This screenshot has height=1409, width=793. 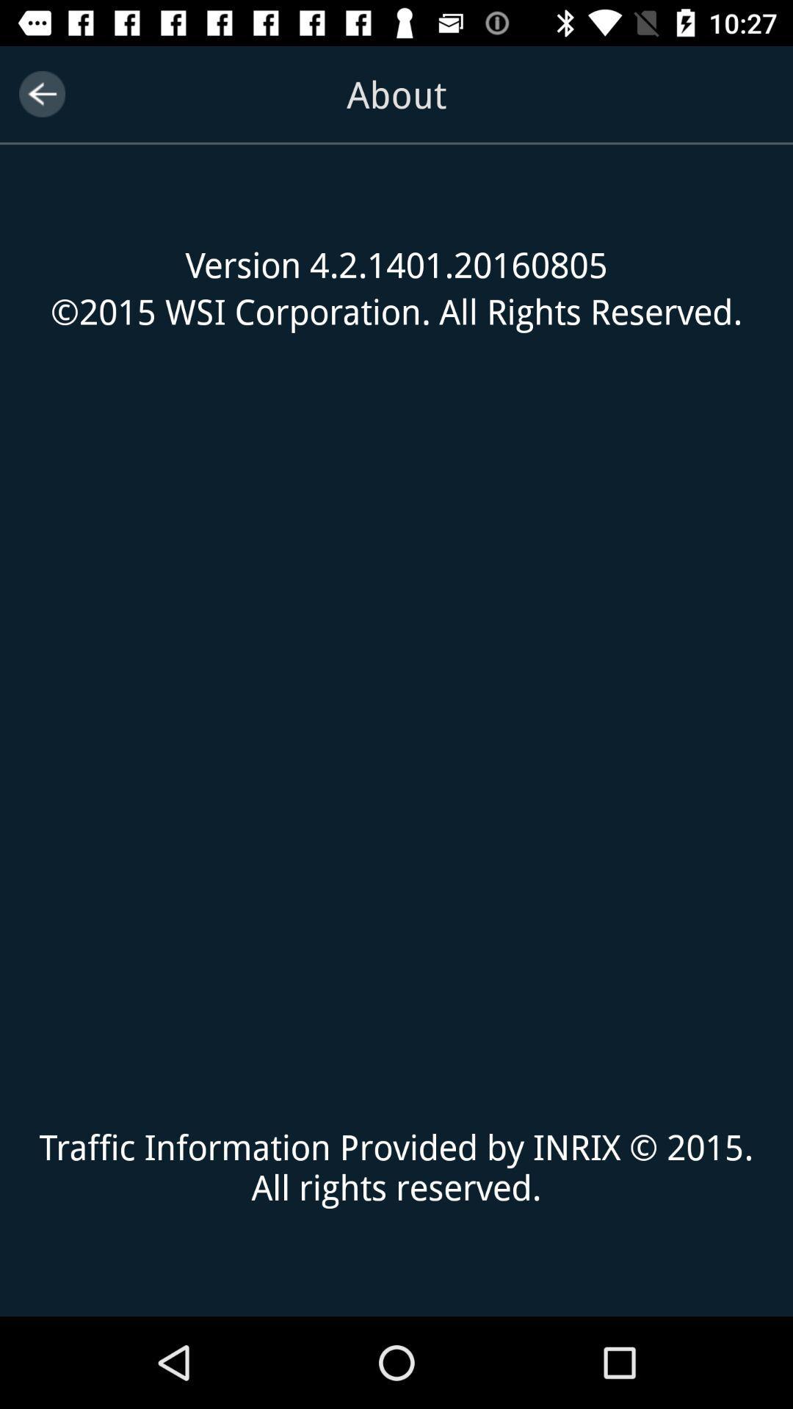 I want to click on the arrow_backward icon, so click(x=41, y=93).